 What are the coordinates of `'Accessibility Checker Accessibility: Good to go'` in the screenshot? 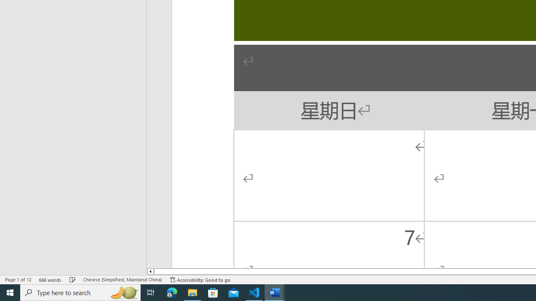 It's located at (200, 280).